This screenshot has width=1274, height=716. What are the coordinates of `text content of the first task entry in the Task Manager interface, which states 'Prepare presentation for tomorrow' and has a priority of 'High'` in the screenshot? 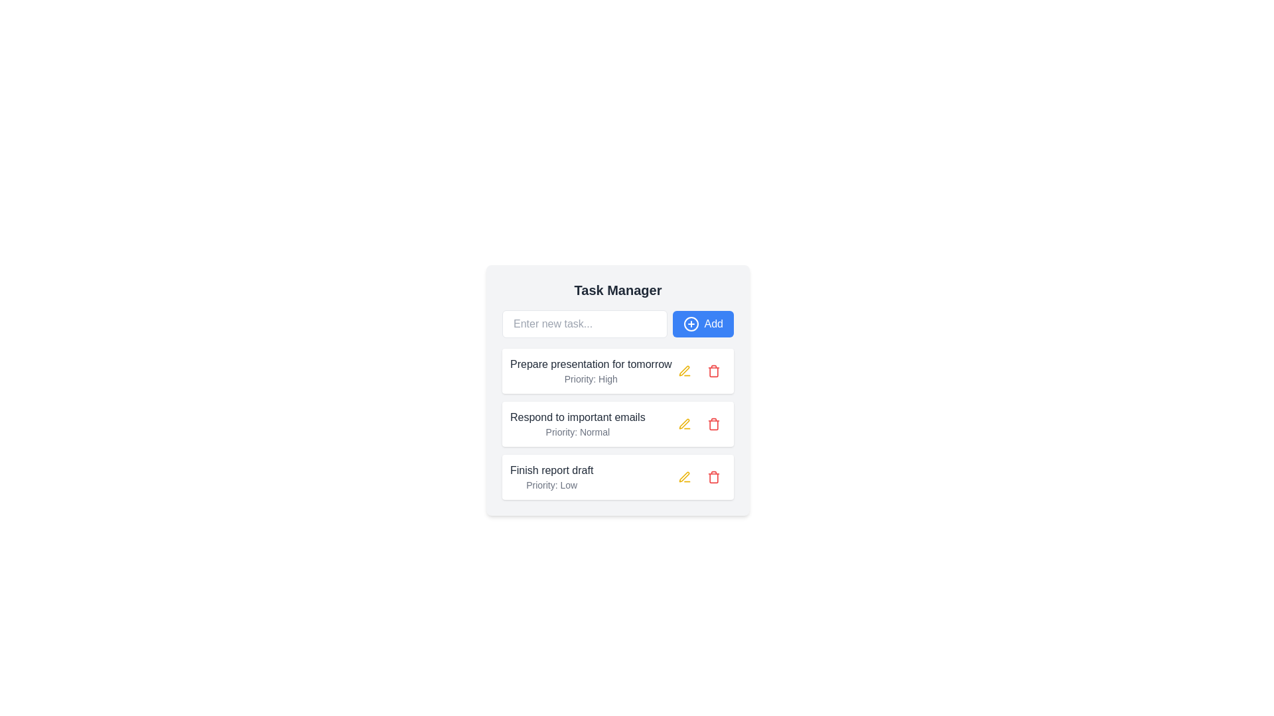 It's located at (590, 371).